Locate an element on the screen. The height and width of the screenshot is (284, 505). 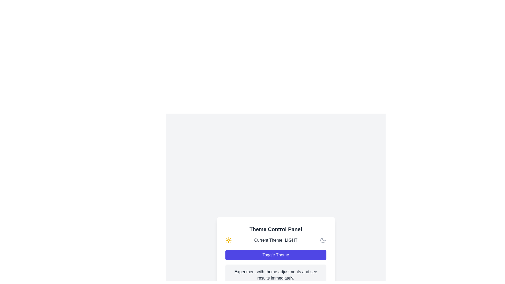
the text label displaying the currently selected UI theme, which indicates 'Light' as the active visual mode is located at coordinates (291, 240).